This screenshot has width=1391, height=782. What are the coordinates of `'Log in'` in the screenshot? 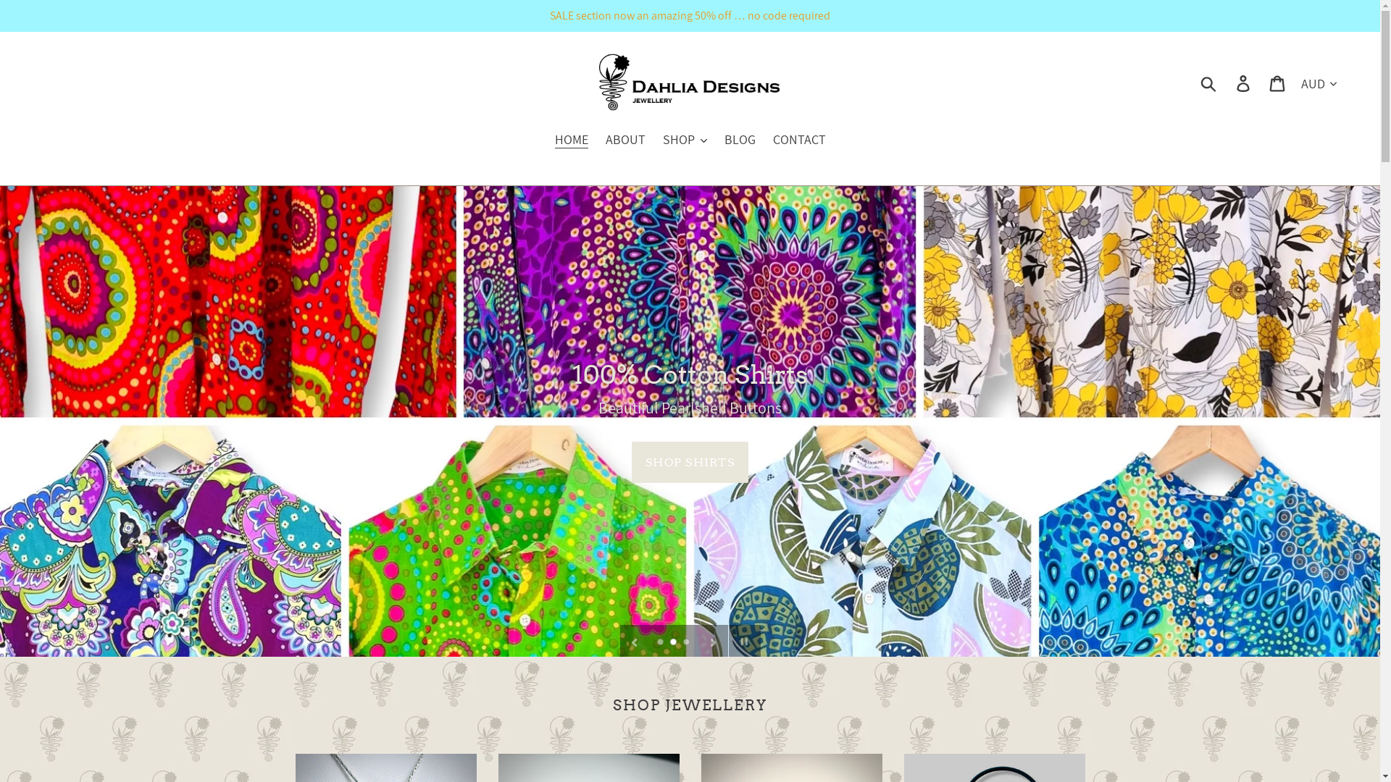 It's located at (1243, 82).